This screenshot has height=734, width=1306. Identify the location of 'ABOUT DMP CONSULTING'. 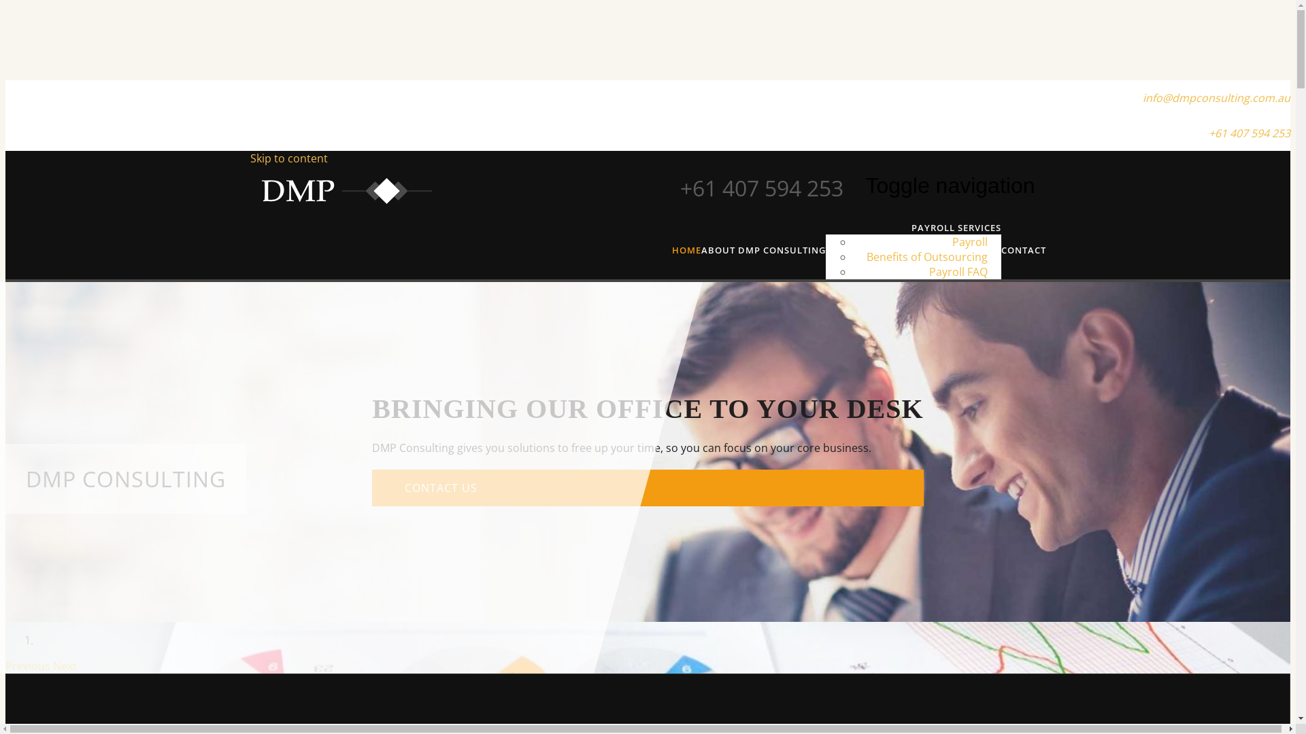
(763, 249).